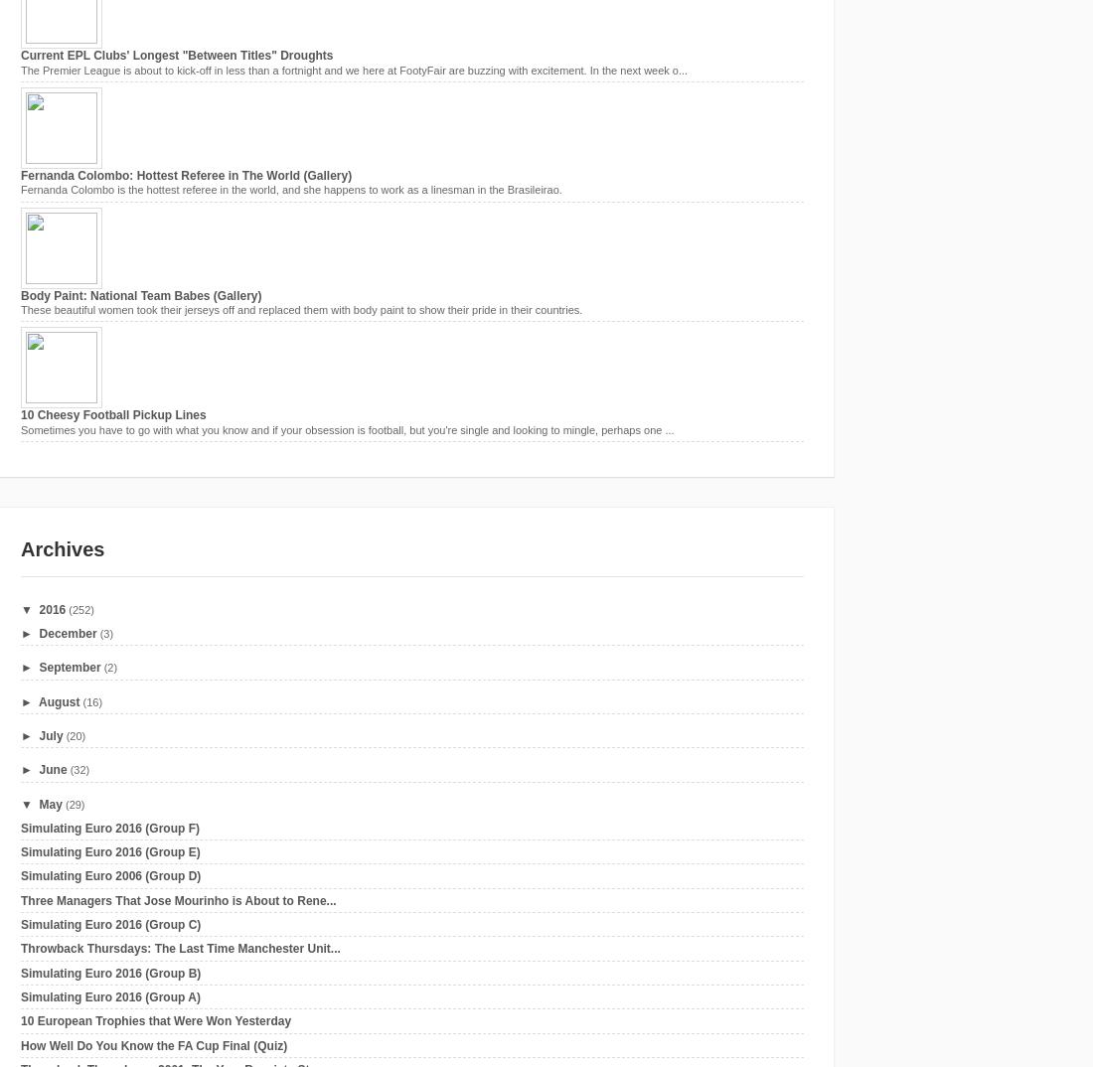 The width and height of the screenshot is (1093, 1067). I want to click on 'Archives', so click(62, 547).